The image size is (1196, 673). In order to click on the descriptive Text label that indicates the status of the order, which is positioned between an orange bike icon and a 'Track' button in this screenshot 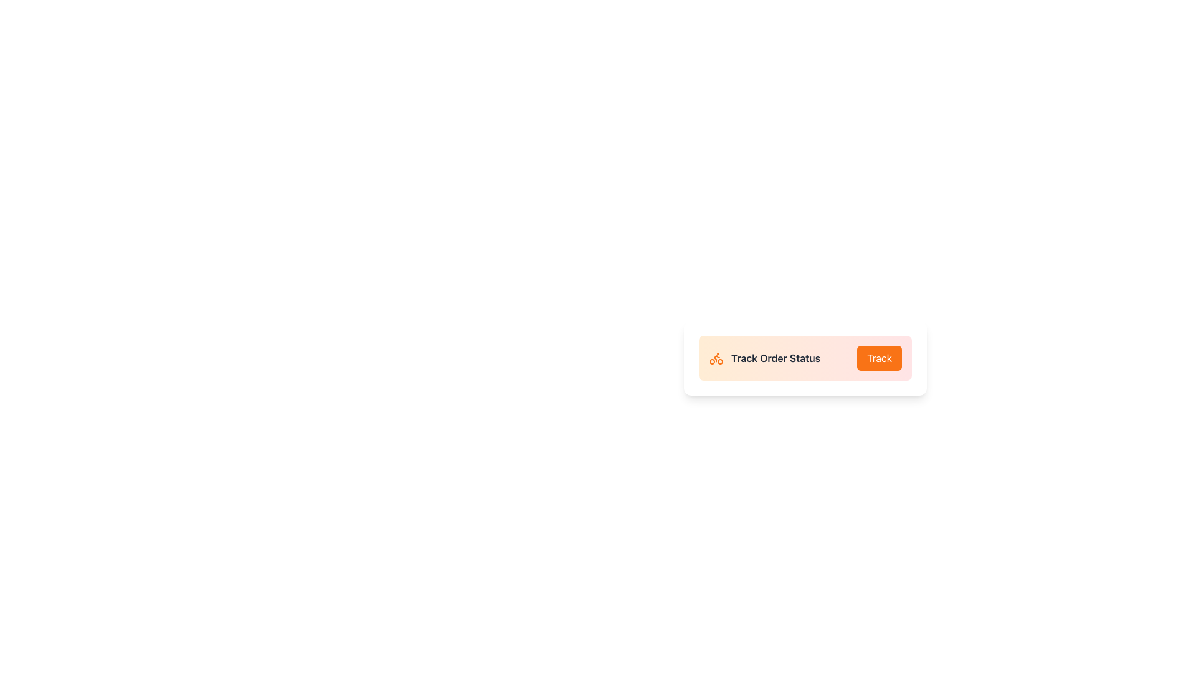, I will do `click(775, 358)`.